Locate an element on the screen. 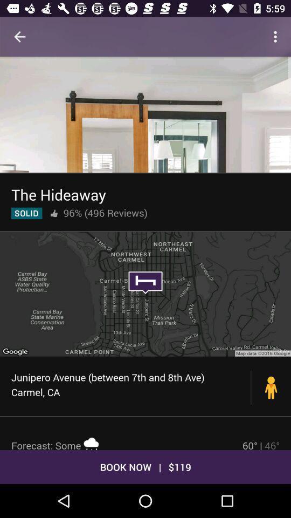  item to the right of junipero avenue between is located at coordinates (271, 387).